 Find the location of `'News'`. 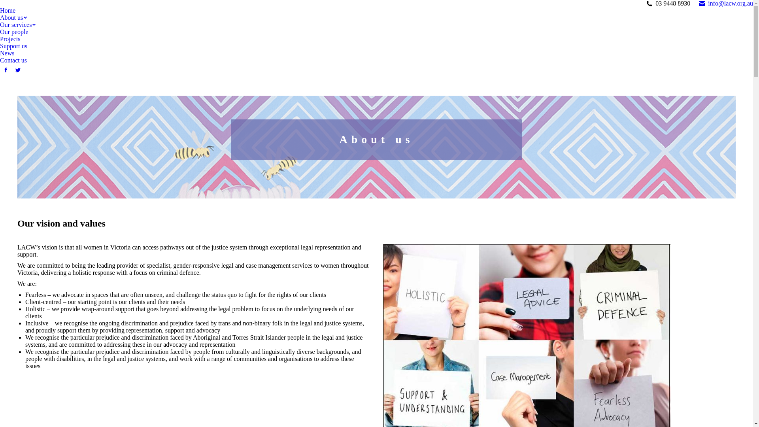

'News' is located at coordinates (7, 53).